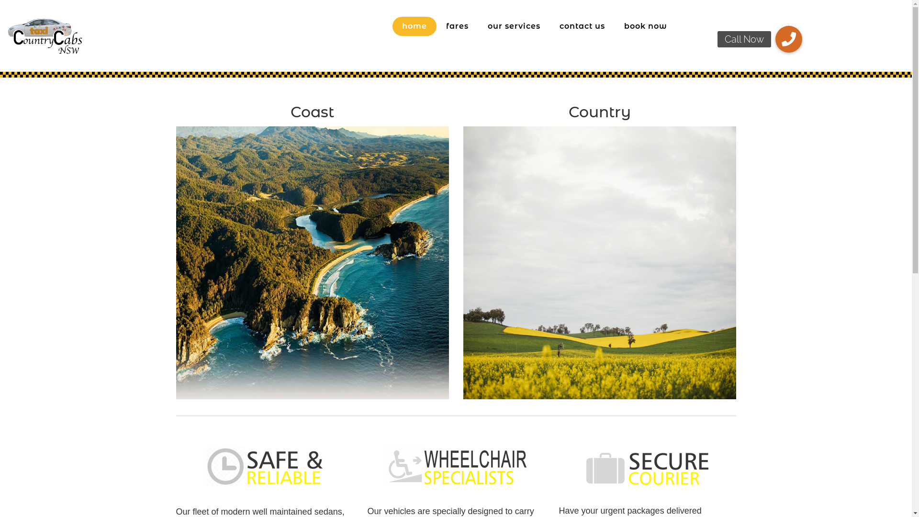  I want to click on 'book now', so click(645, 25).